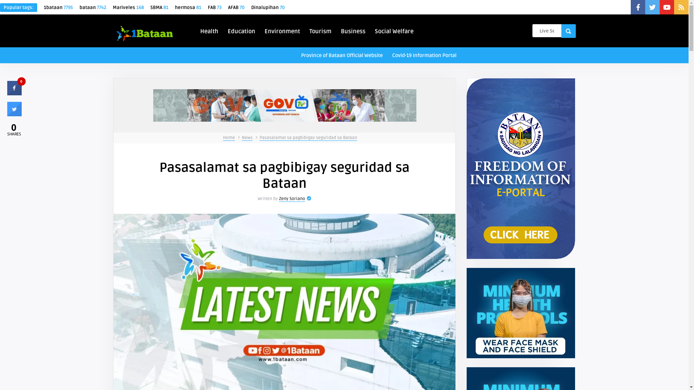  What do you see at coordinates (236, 7) in the screenshot?
I see `'AFAB 70'` at bounding box center [236, 7].